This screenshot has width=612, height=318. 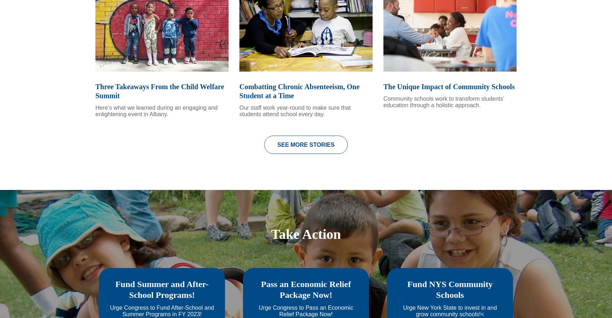 What do you see at coordinates (305, 243) in the screenshot?
I see `'Take Action'` at bounding box center [305, 243].